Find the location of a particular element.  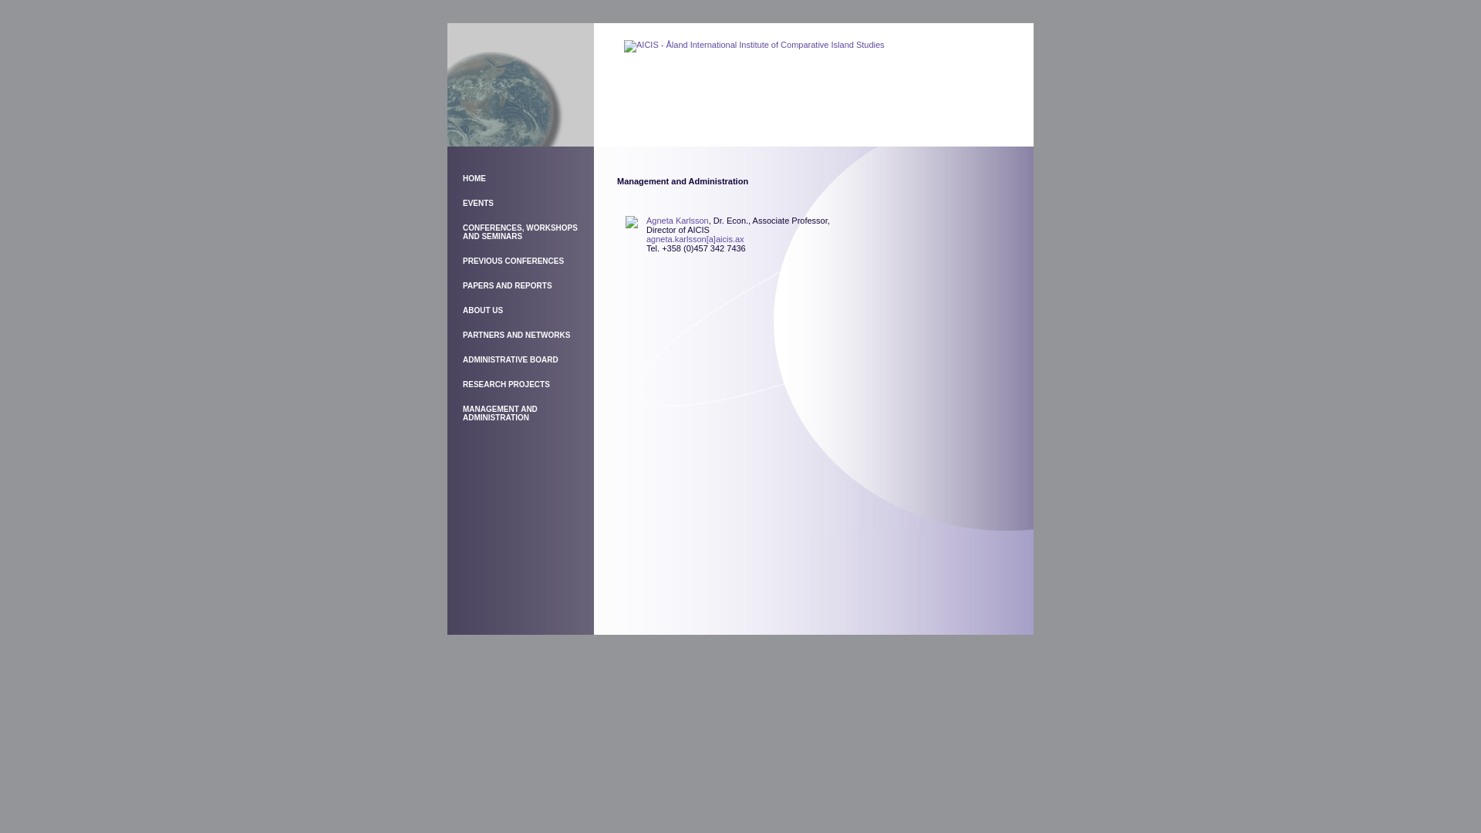

'EVENTS' is located at coordinates (462, 202).